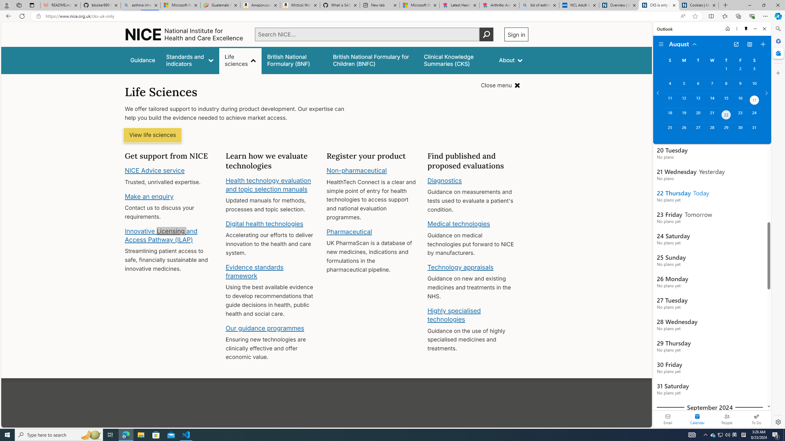 The height and width of the screenshot is (441, 785). Describe the element at coordinates (754, 101) in the screenshot. I see `'Saturday, August 17, 2024. Date selected. '` at that location.